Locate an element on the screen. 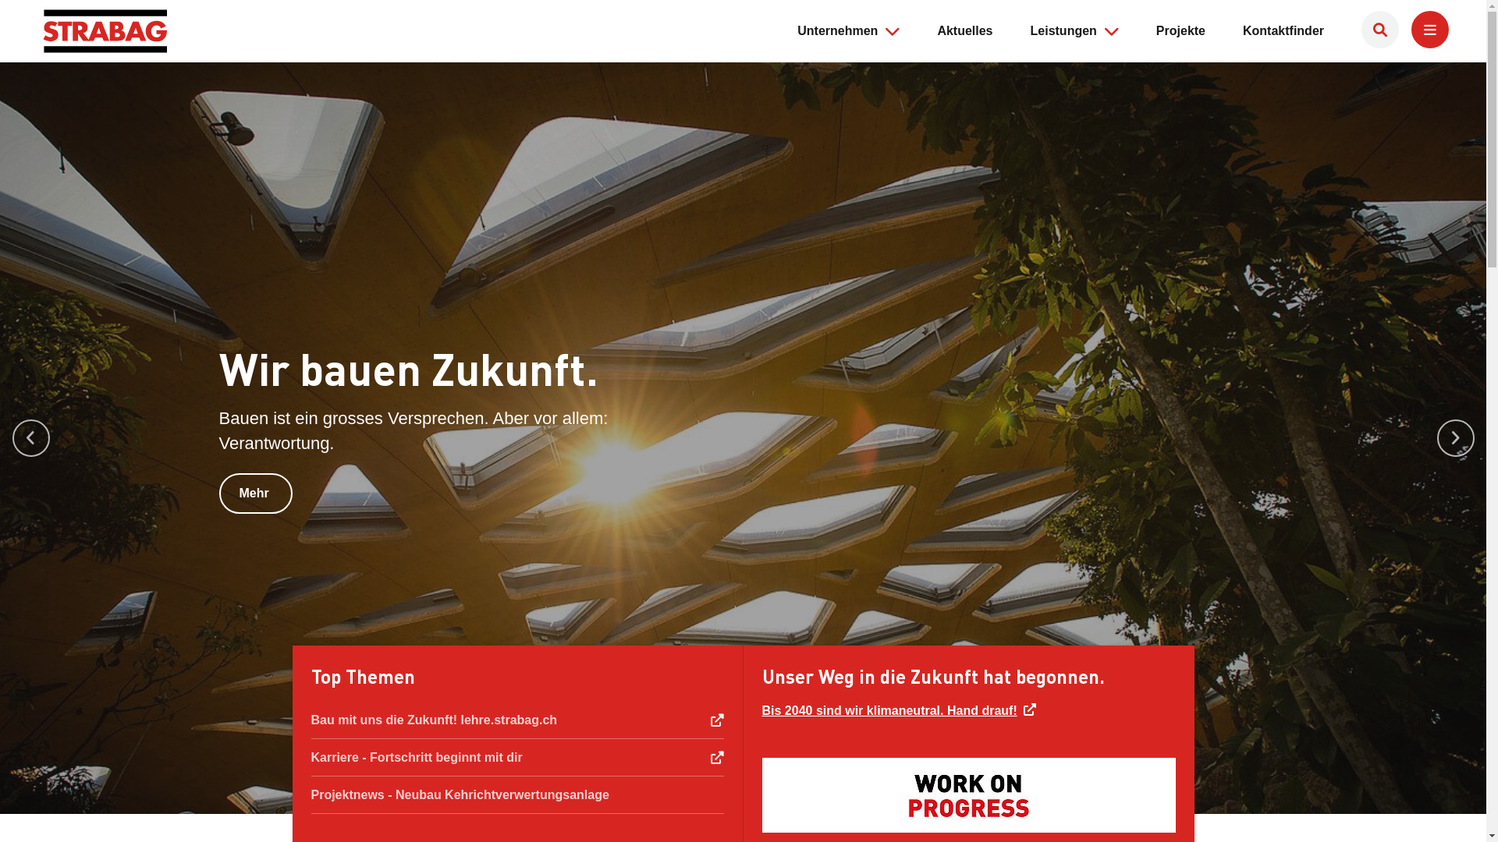 This screenshot has width=1498, height=842. 'Projekte' is located at coordinates (1180, 39).